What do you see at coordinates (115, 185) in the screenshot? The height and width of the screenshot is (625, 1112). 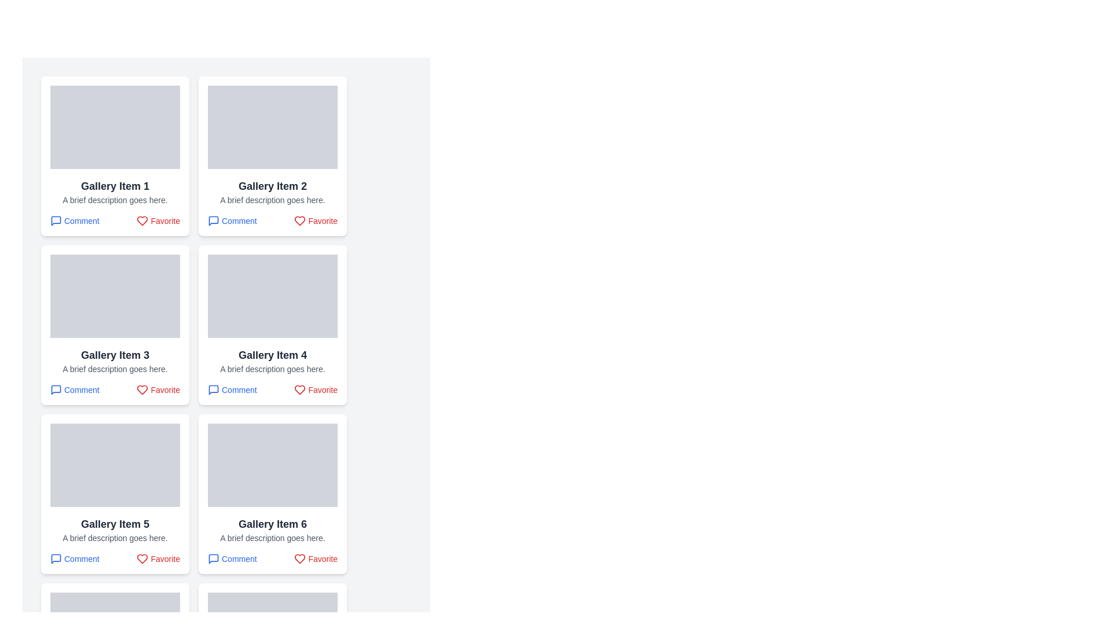 I see `the text label that displays the title of the first gallery item, which is centrally positioned beneath a placeholder image in the top-left card of the grid layout` at bounding box center [115, 185].